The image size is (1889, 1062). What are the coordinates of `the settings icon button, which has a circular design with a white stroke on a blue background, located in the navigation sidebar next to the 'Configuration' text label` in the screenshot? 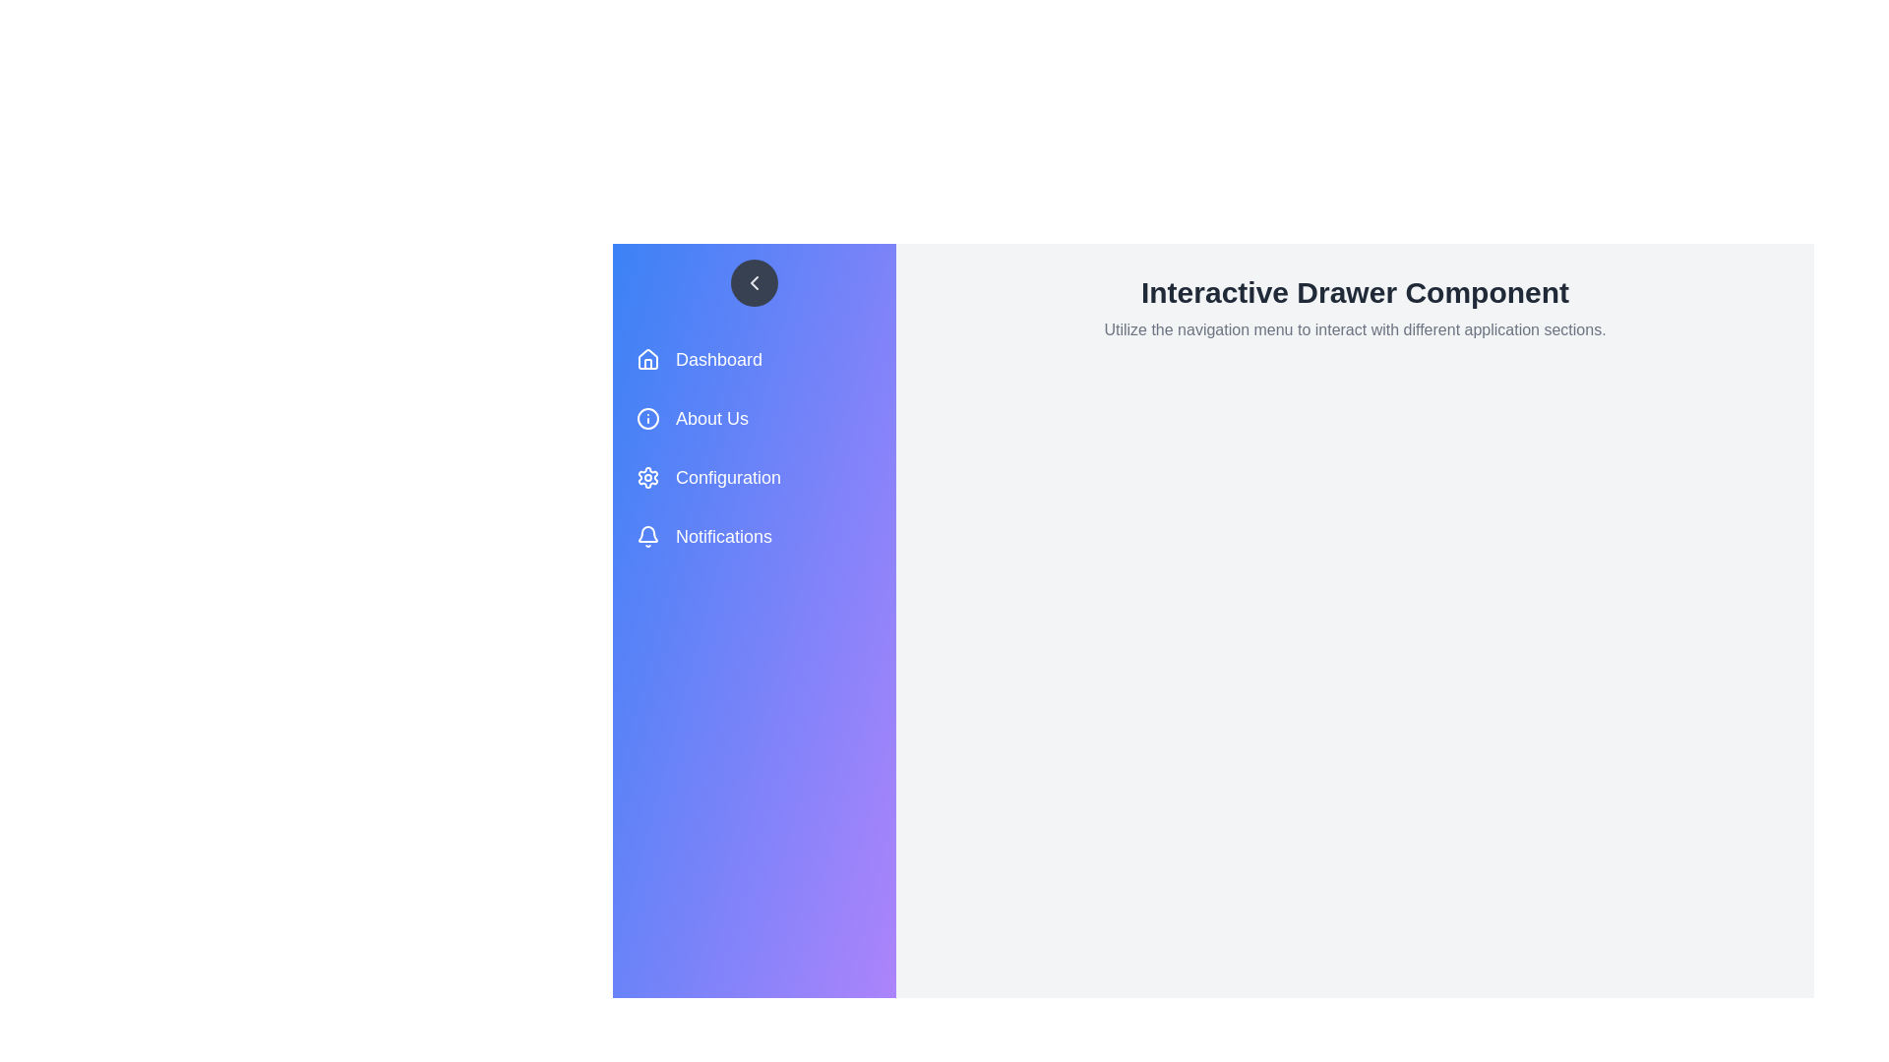 It's located at (647, 478).